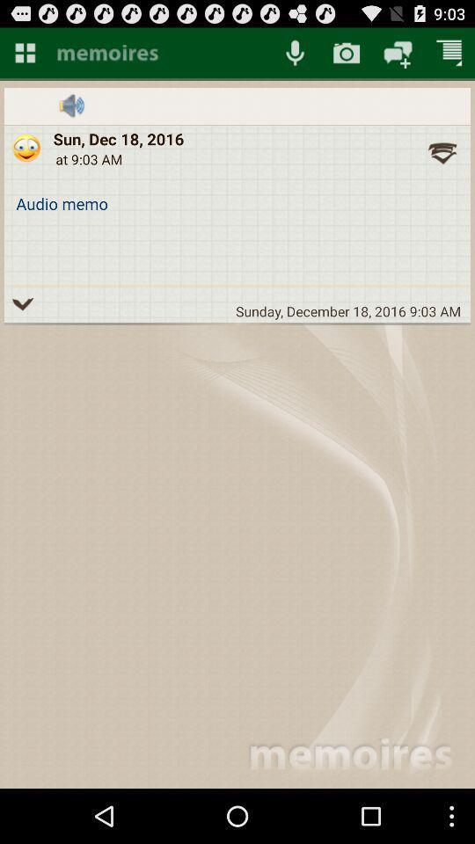 This screenshot has width=475, height=844. Describe the element at coordinates (398, 56) in the screenshot. I see `the chat icon` at that location.